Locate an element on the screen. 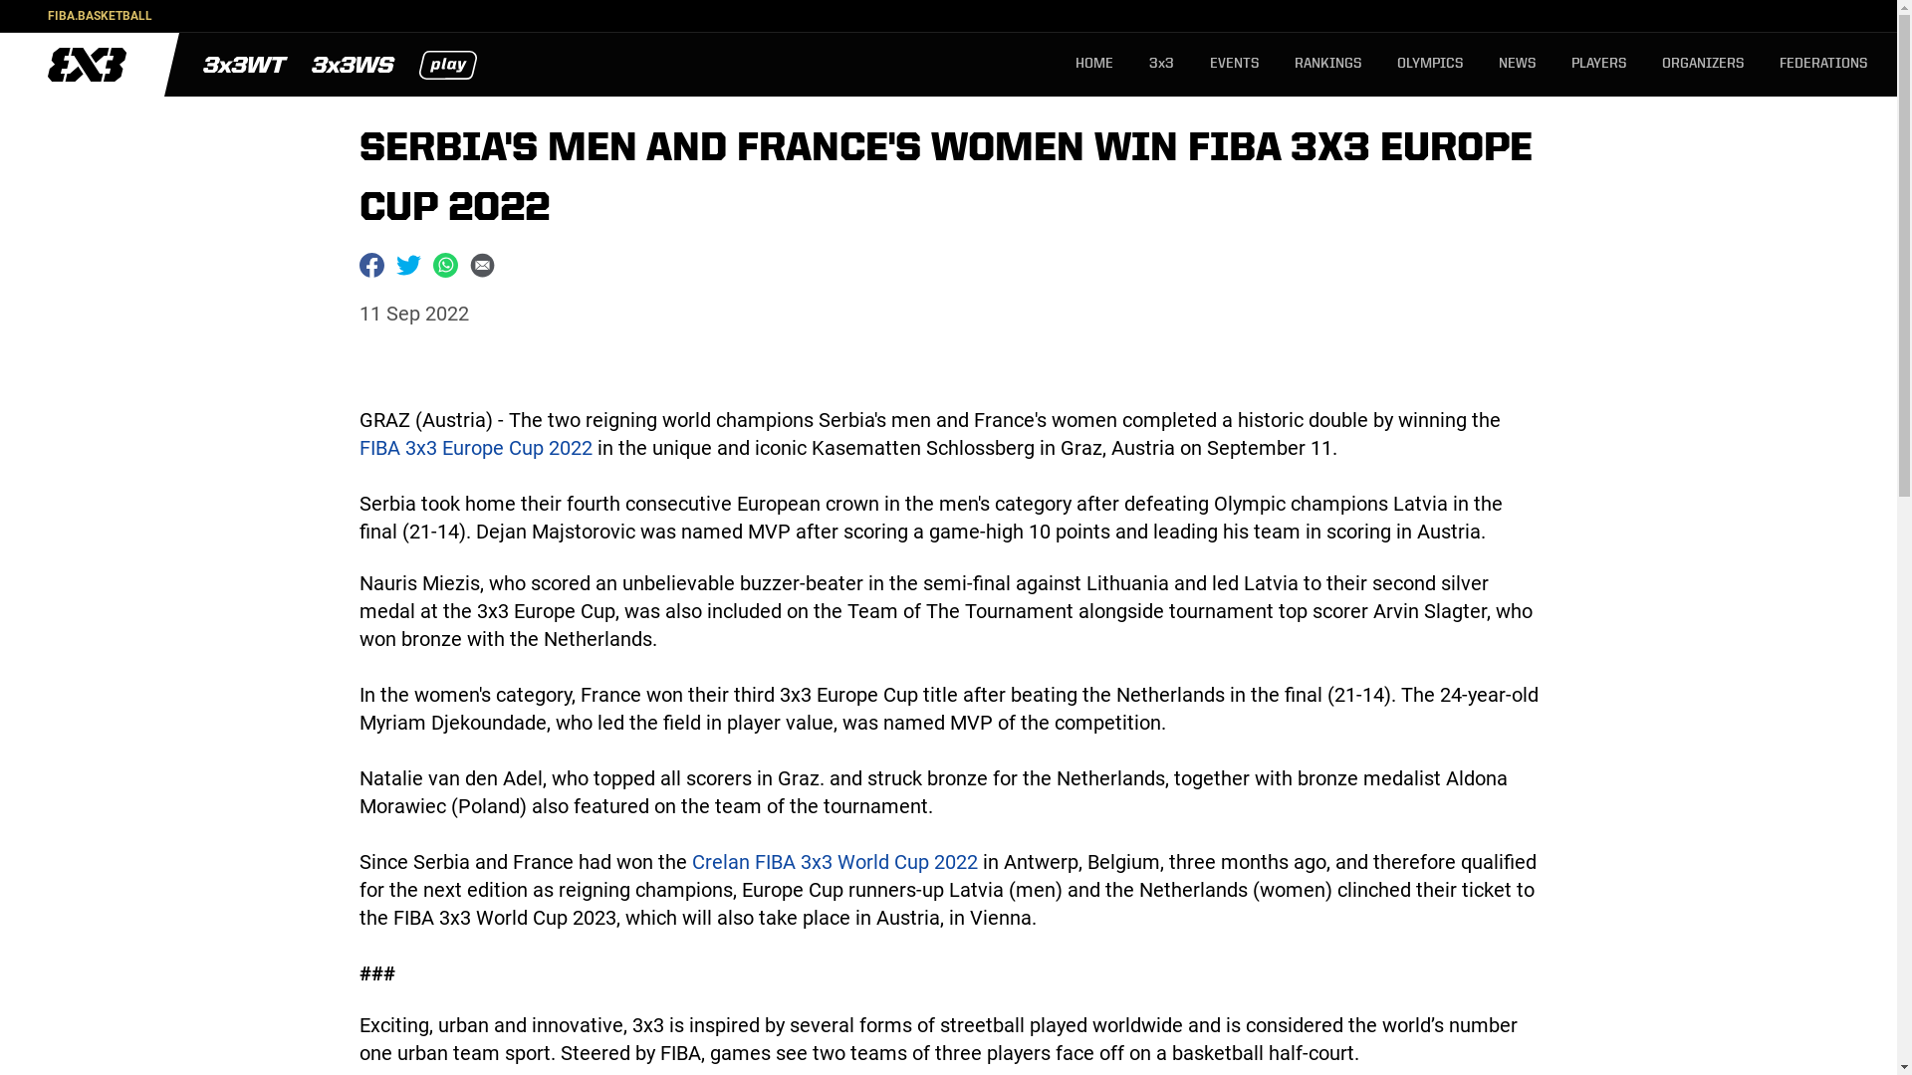 The image size is (1912, 1075). 'RANKINGS' is located at coordinates (1327, 63).